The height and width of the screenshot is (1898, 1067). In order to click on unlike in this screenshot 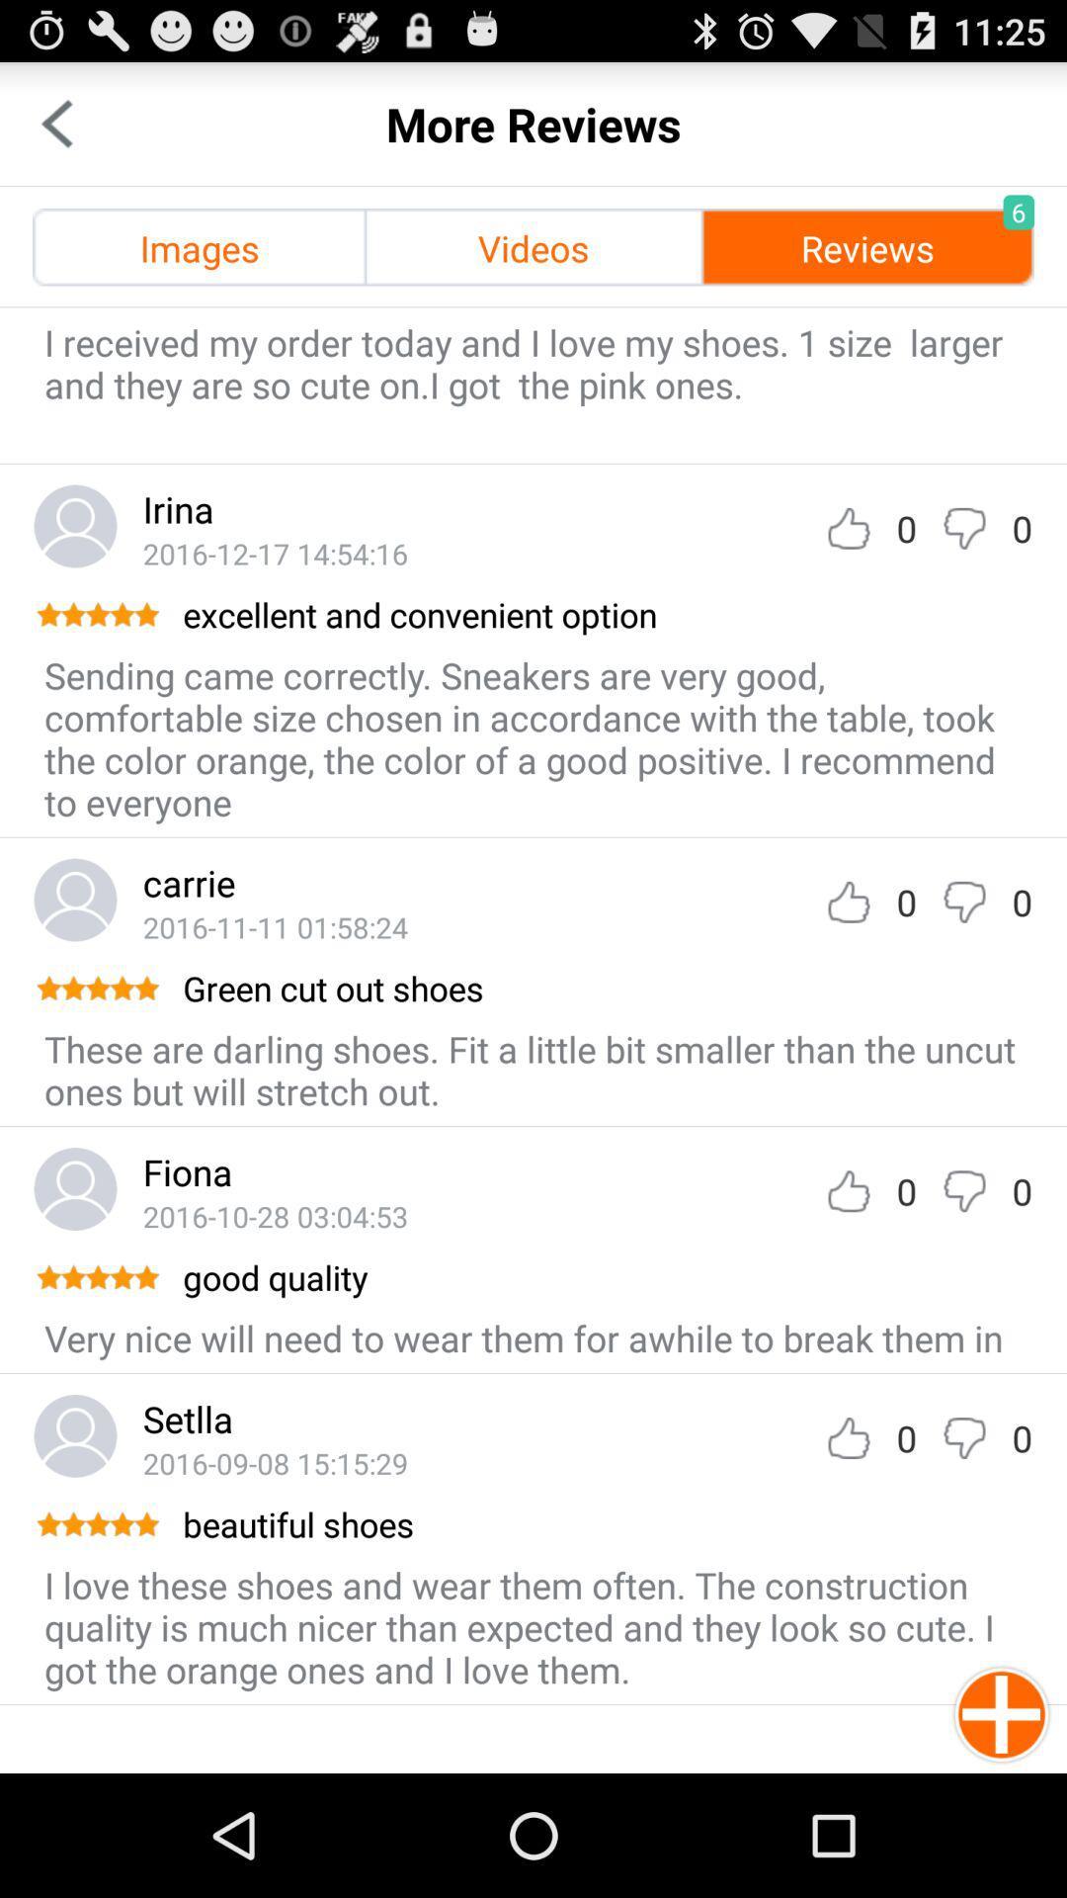, I will do `click(963, 901)`.